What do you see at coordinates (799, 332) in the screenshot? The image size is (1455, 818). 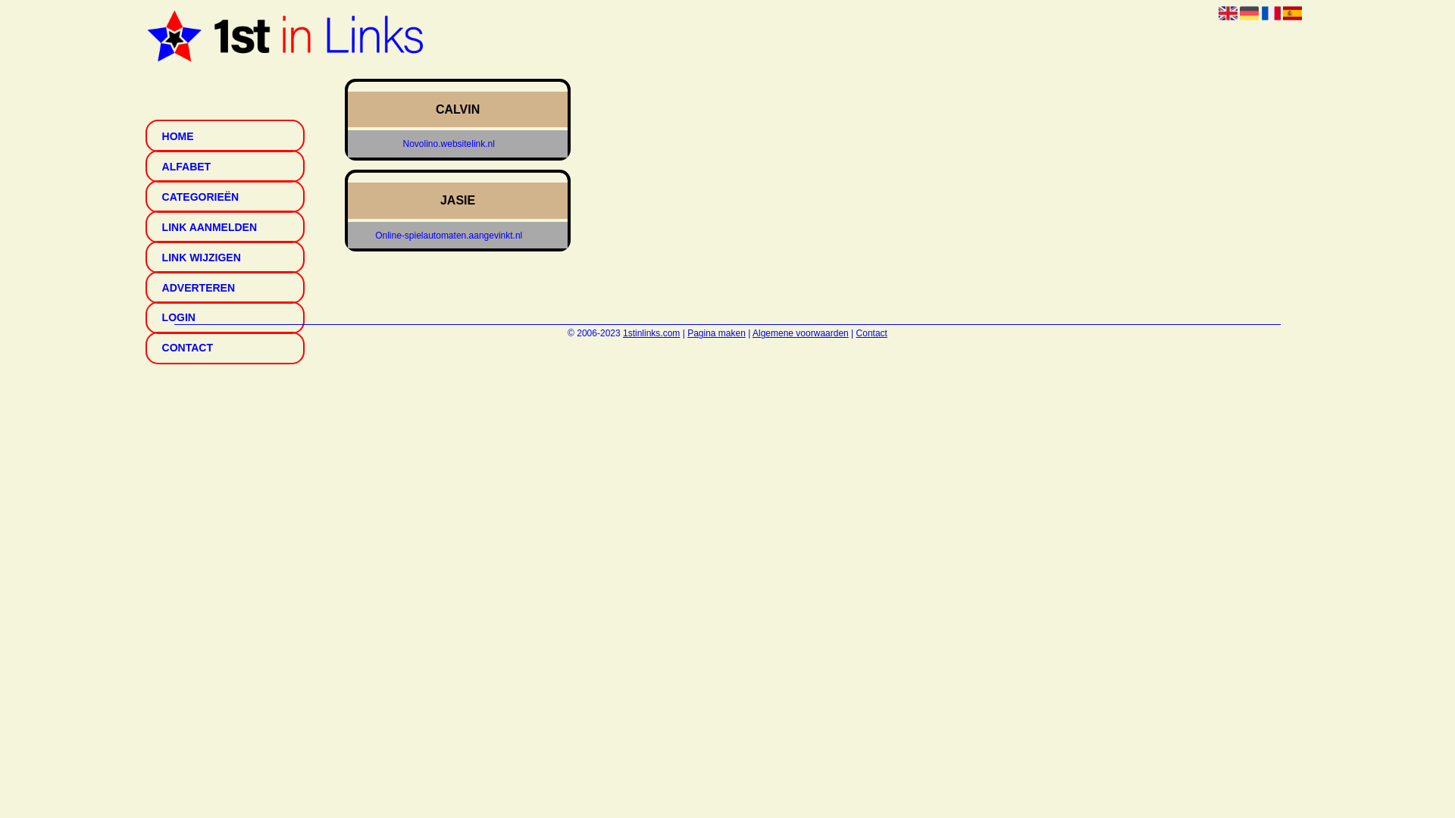 I see `'Algemene voorwaarden'` at bounding box center [799, 332].